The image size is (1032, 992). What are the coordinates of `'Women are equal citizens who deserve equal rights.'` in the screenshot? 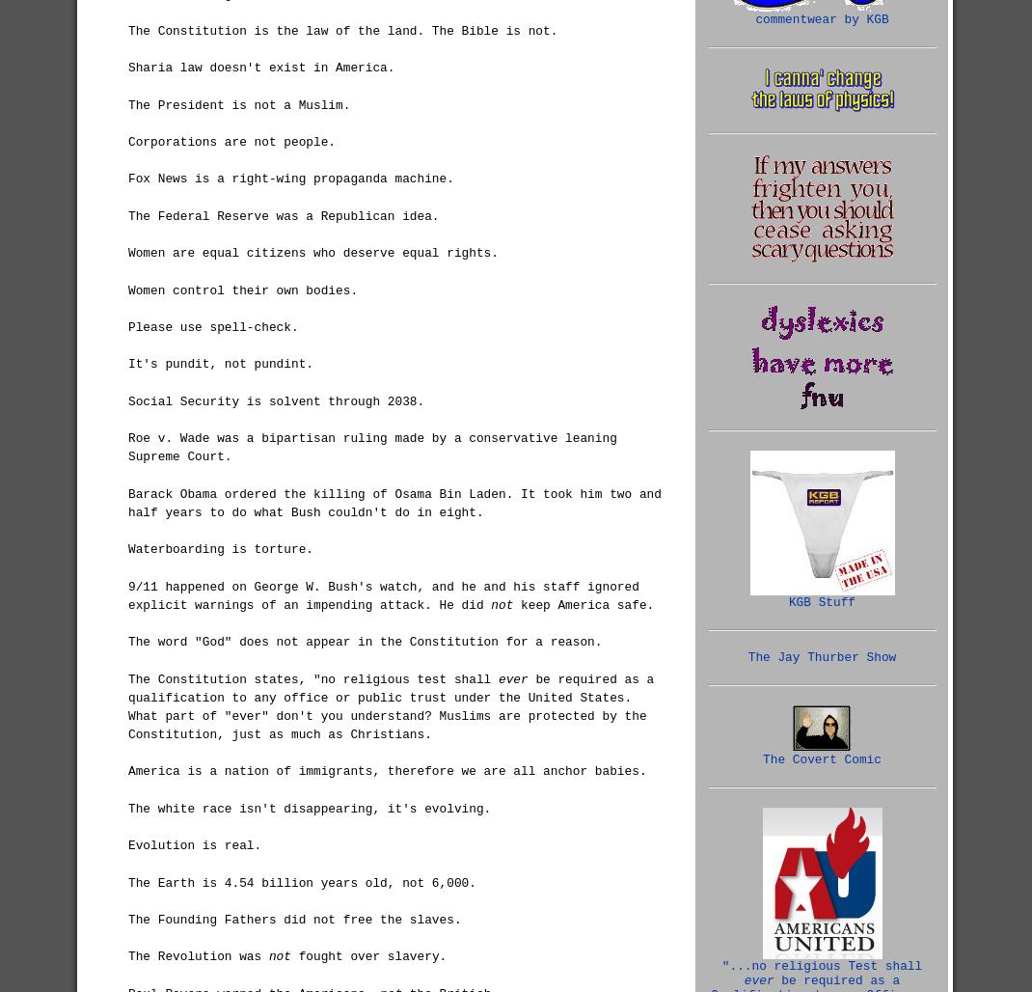 It's located at (312, 253).